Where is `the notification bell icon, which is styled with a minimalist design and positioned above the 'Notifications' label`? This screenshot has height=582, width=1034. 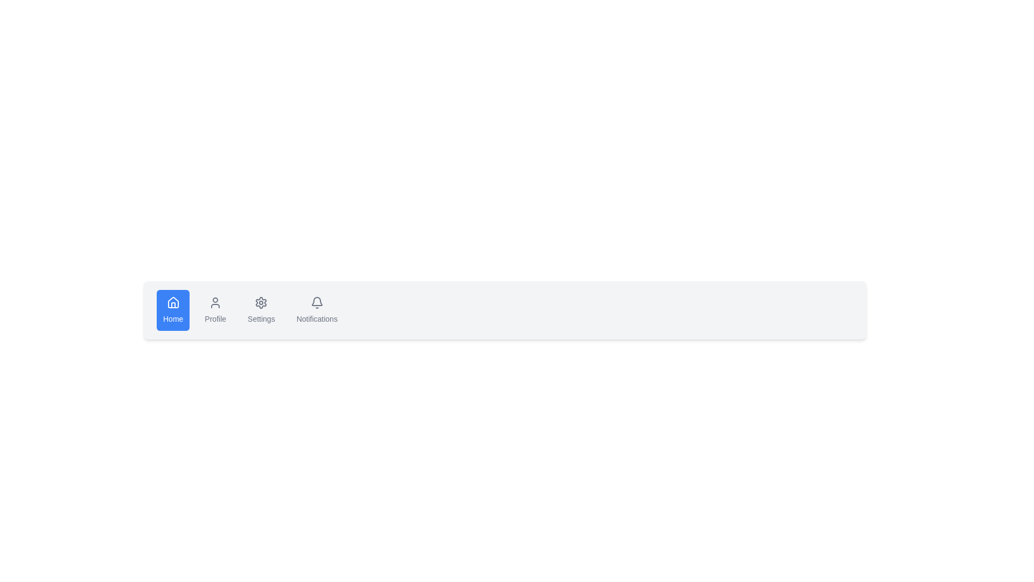
the notification bell icon, which is styled with a minimalist design and positioned above the 'Notifications' label is located at coordinates (316, 303).